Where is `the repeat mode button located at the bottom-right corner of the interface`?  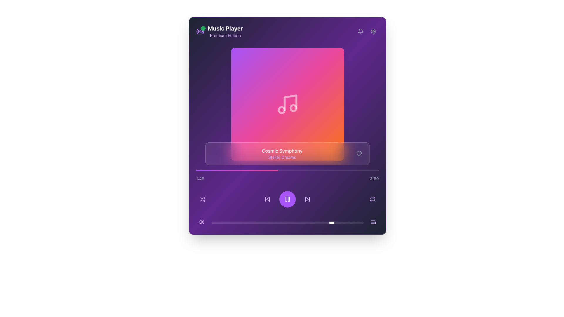 the repeat mode button located at the bottom-right corner of the interface is located at coordinates (372, 199).